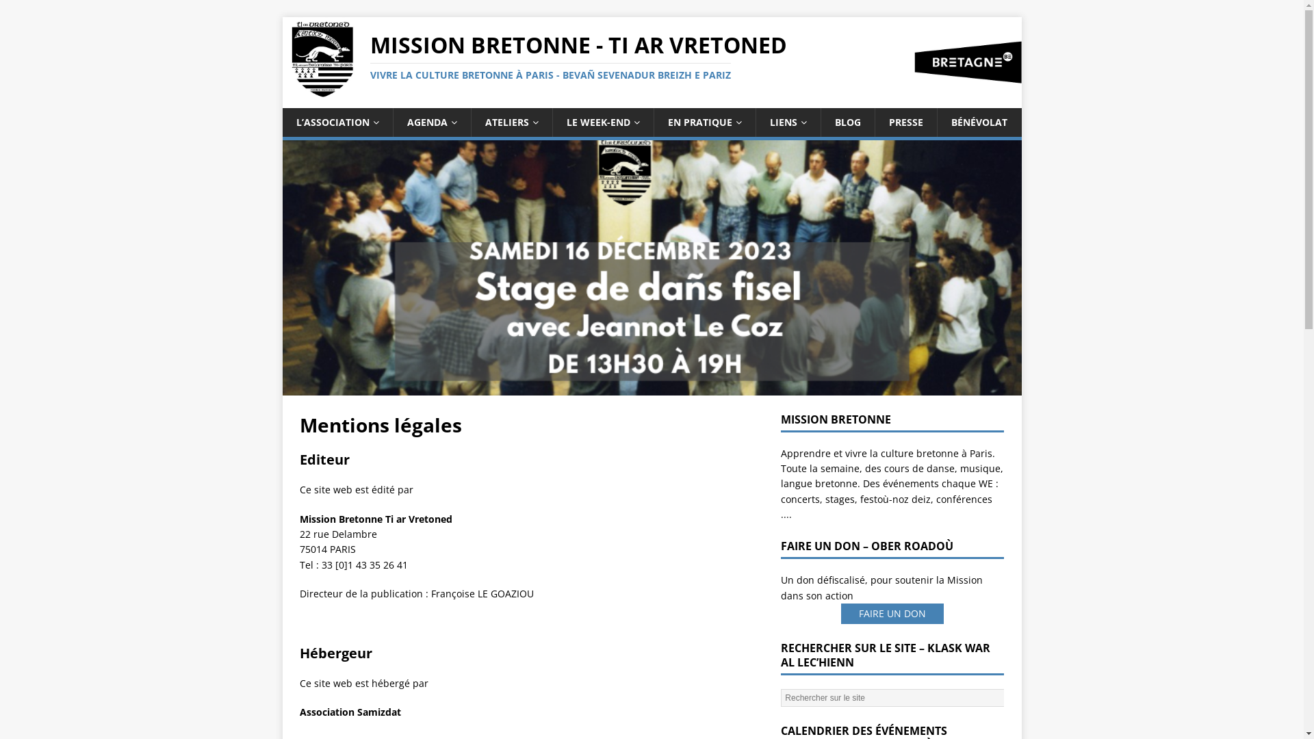 The height and width of the screenshot is (739, 1314). What do you see at coordinates (552, 121) in the screenshot?
I see `'LE WEEK-END'` at bounding box center [552, 121].